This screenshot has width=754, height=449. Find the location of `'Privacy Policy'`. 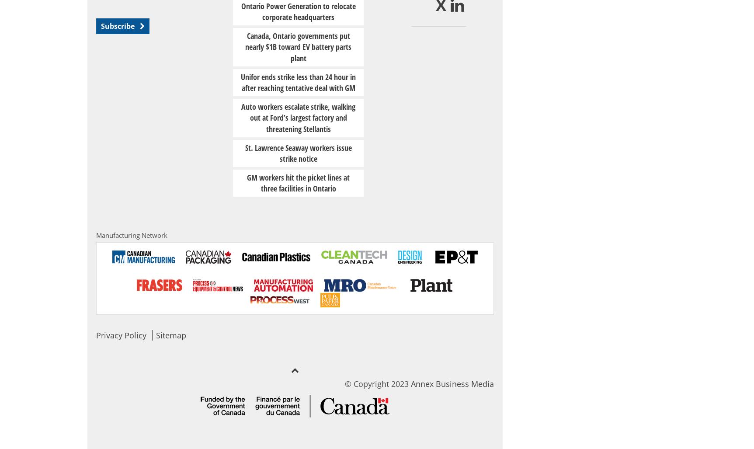

'Privacy Policy' is located at coordinates (121, 334).